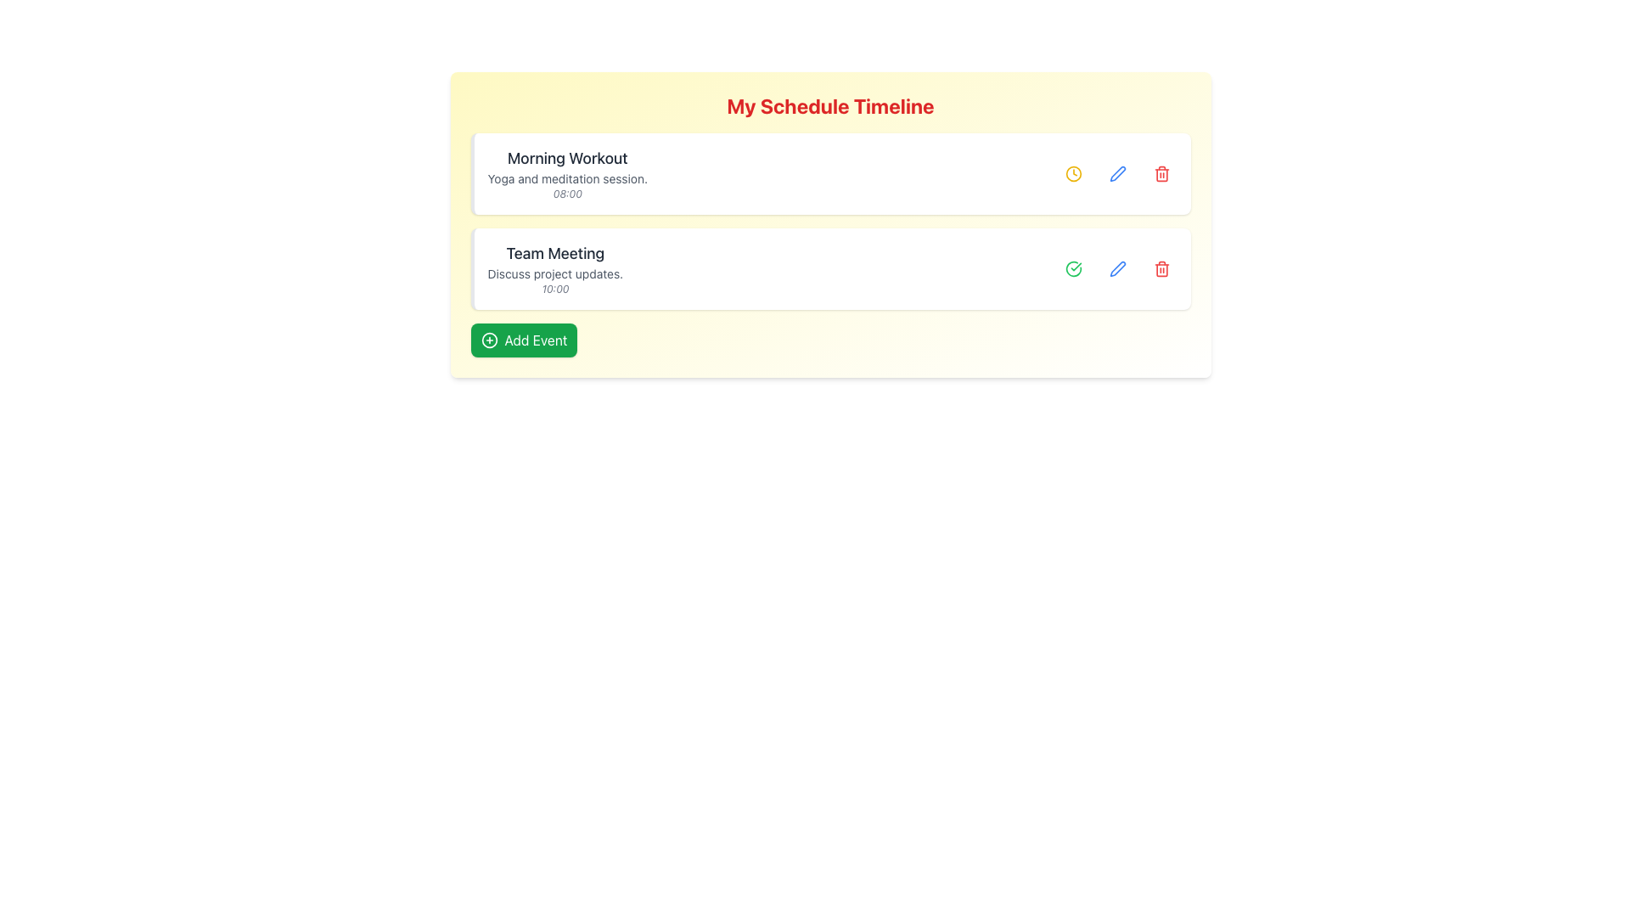 The height and width of the screenshot is (917, 1630). I want to click on the time indicator icon button located to the right of the 'Morning Workout' title in the second card of the schedule section, so click(1072, 173).